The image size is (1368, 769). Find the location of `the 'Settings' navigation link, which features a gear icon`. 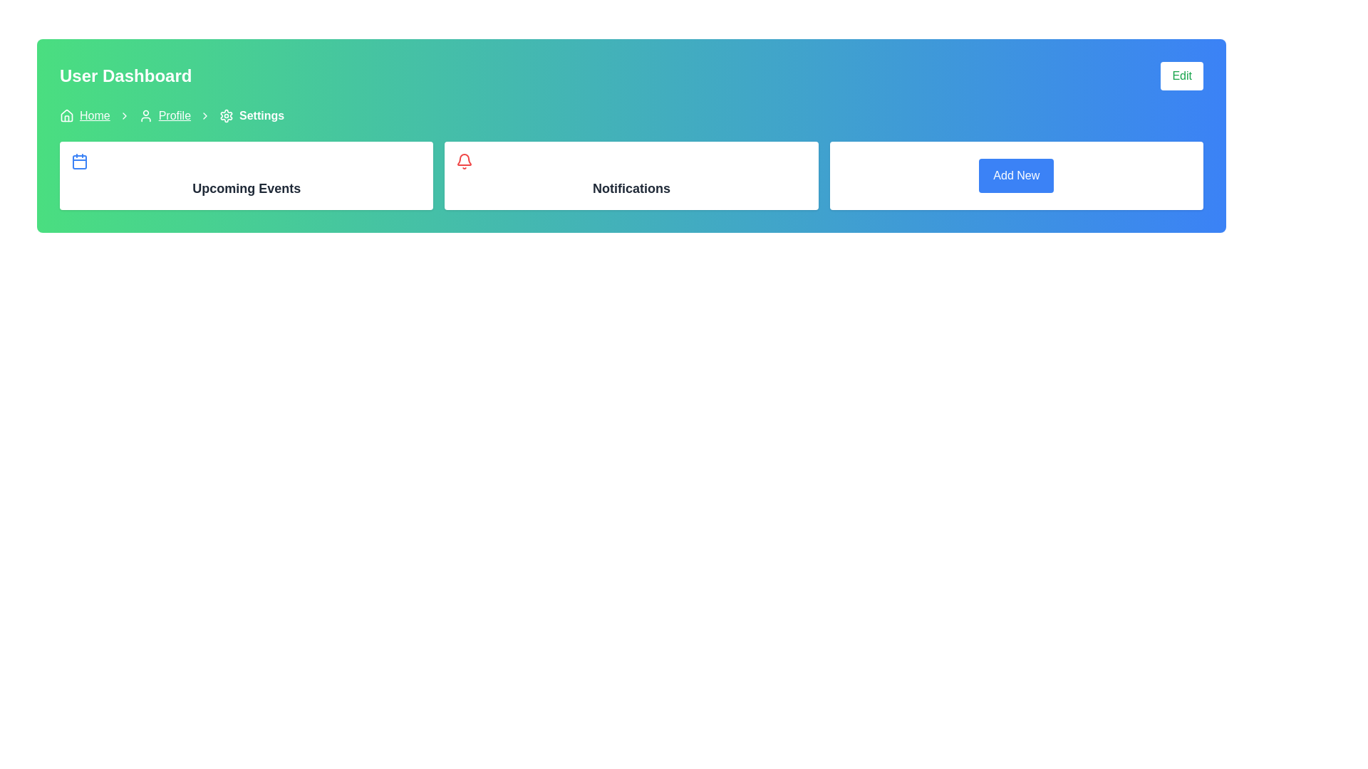

the 'Settings' navigation link, which features a gear icon is located at coordinates (252, 115).